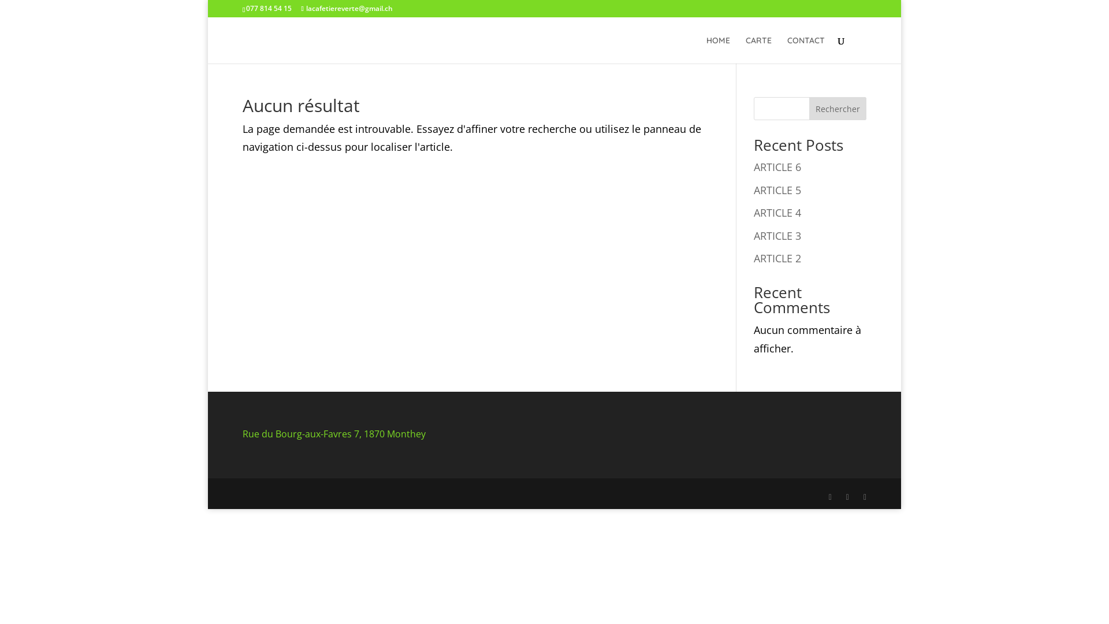 This screenshot has height=624, width=1109. What do you see at coordinates (706, 49) in the screenshot?
I see `'HOME'` at bounding box center [706, 49].